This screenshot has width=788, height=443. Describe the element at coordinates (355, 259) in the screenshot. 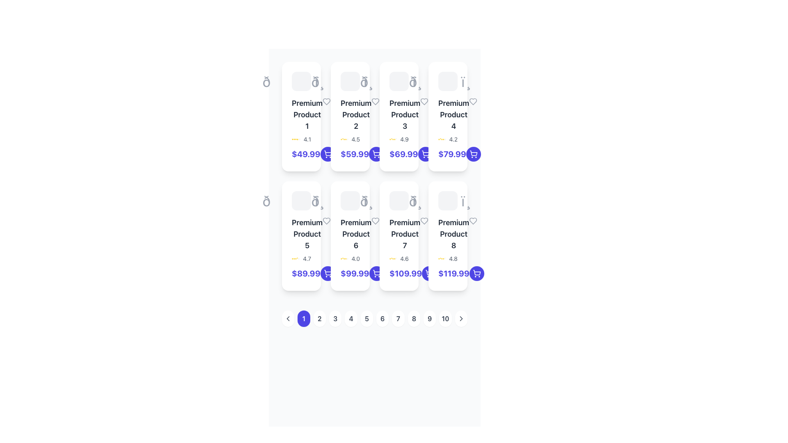

I see `the Text label representing the numerical rating value for the product located in the sixth product card, which is directly to the right of the star rating icons` at that location.